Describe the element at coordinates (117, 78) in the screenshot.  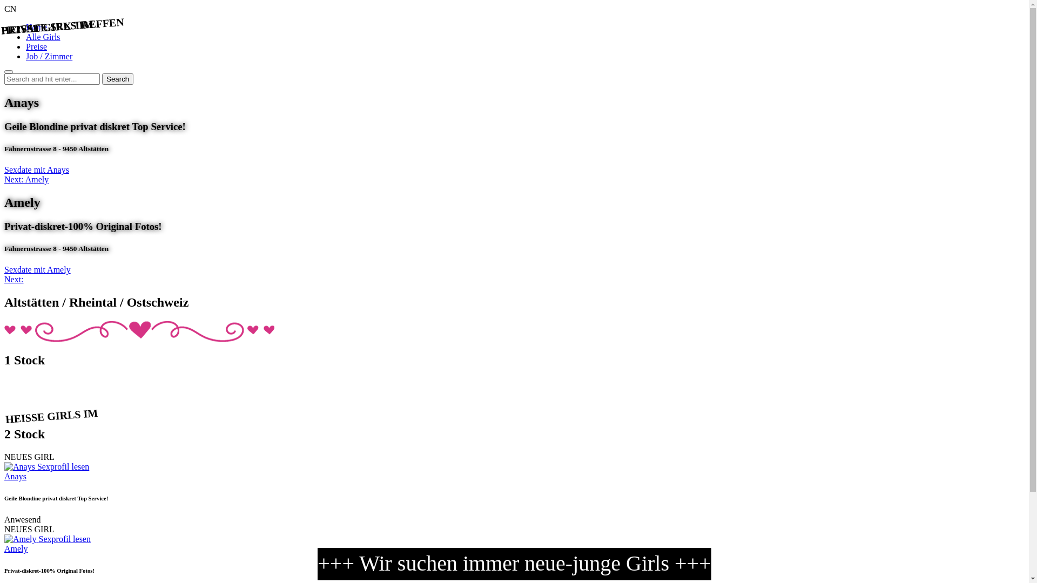
I see `'Search'` at that location.